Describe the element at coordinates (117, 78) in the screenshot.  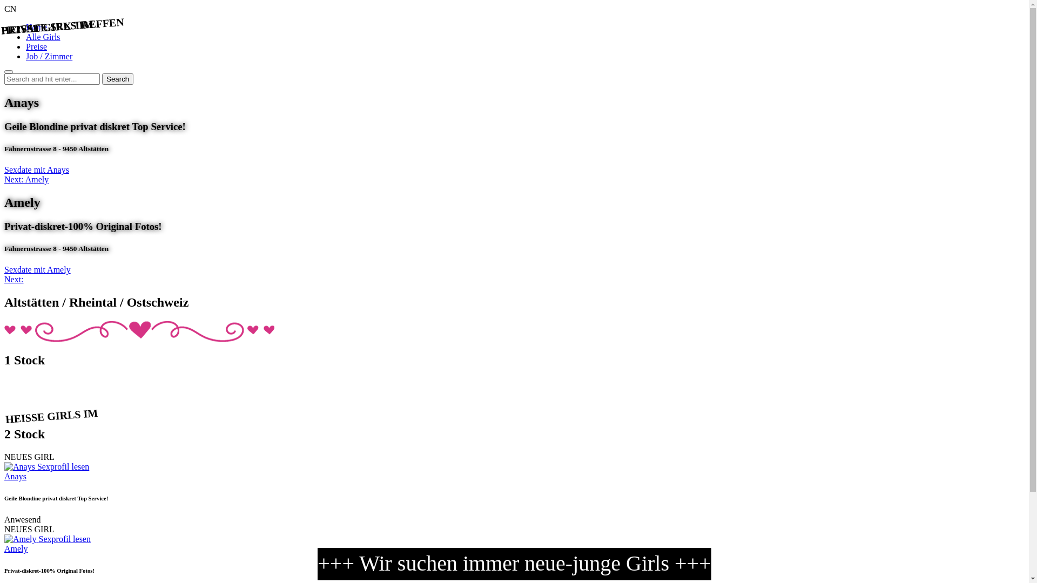
I see `'Search'` at that location.